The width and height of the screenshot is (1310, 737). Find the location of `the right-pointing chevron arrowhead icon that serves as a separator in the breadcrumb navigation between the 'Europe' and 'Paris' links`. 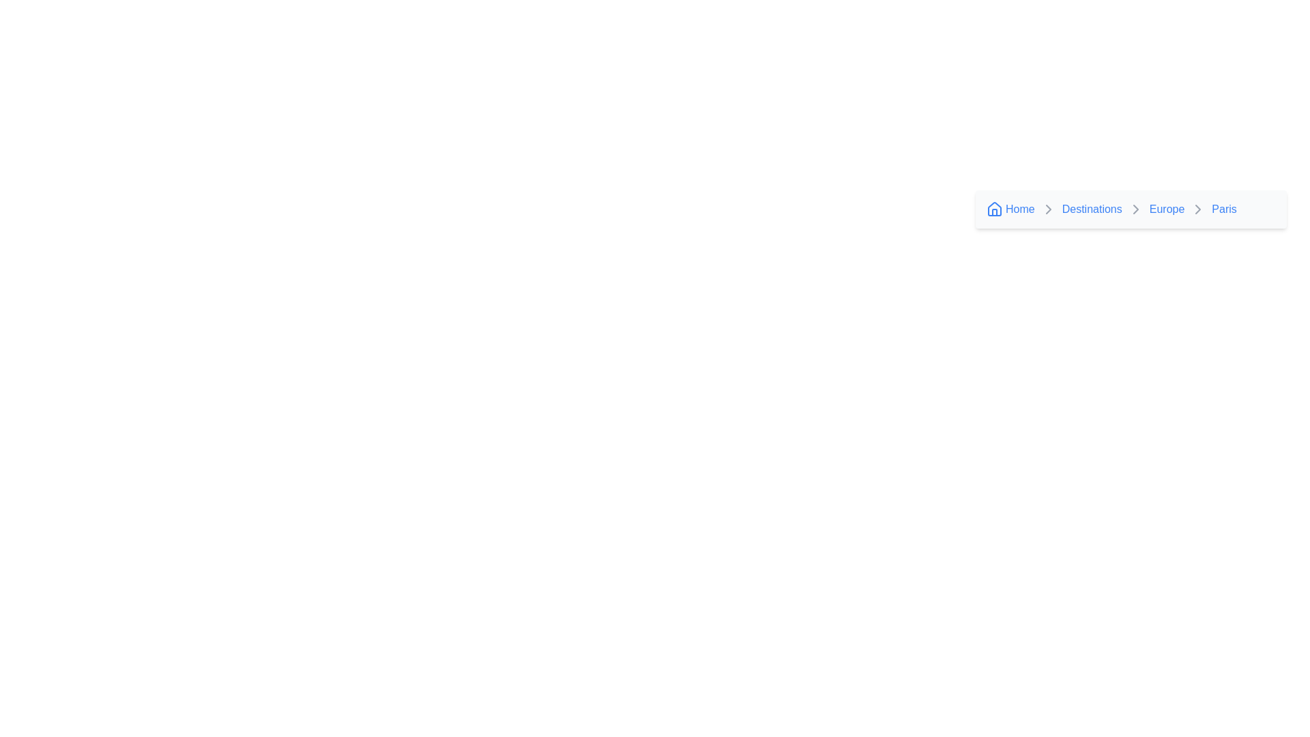

the right-pointing chevron arrowhead icon that serves as a separator in the breadcrumb navigation between the 'Europe' and 'Paris' links is located at coordinates (1197, 209).